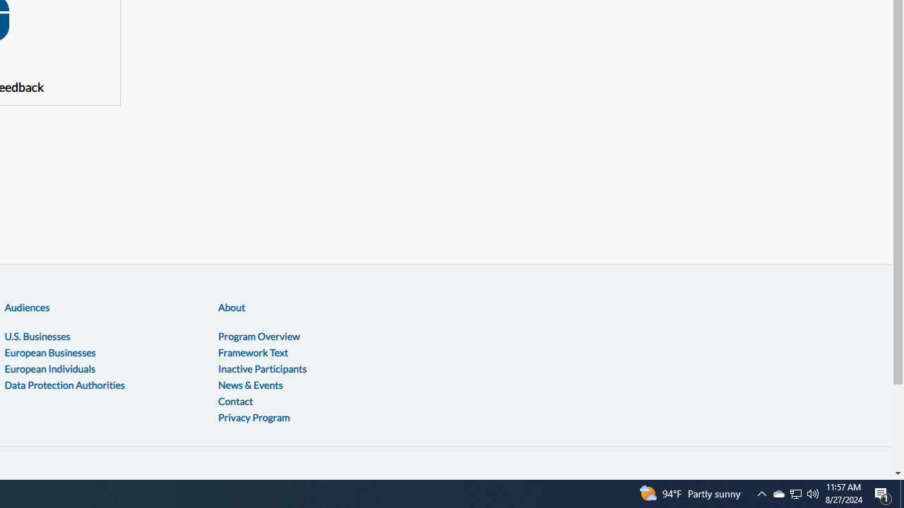 The image size is (904, 508). I want to click on 'News & Events', so click(250, 384).